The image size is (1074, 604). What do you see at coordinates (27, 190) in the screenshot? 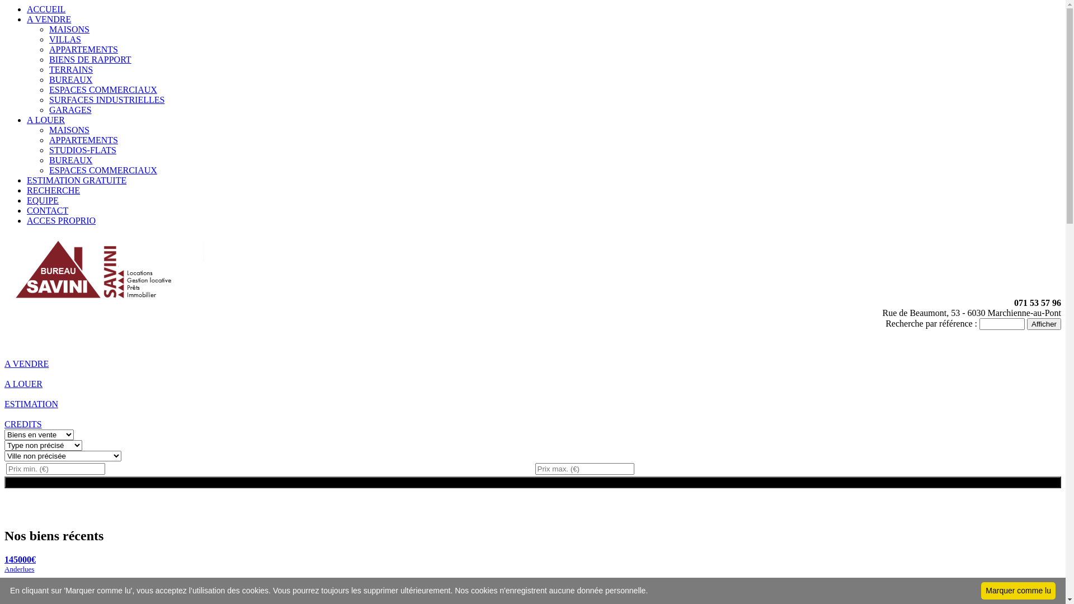
I see `'RECHERCHE'` at bounding box center [27, 190].